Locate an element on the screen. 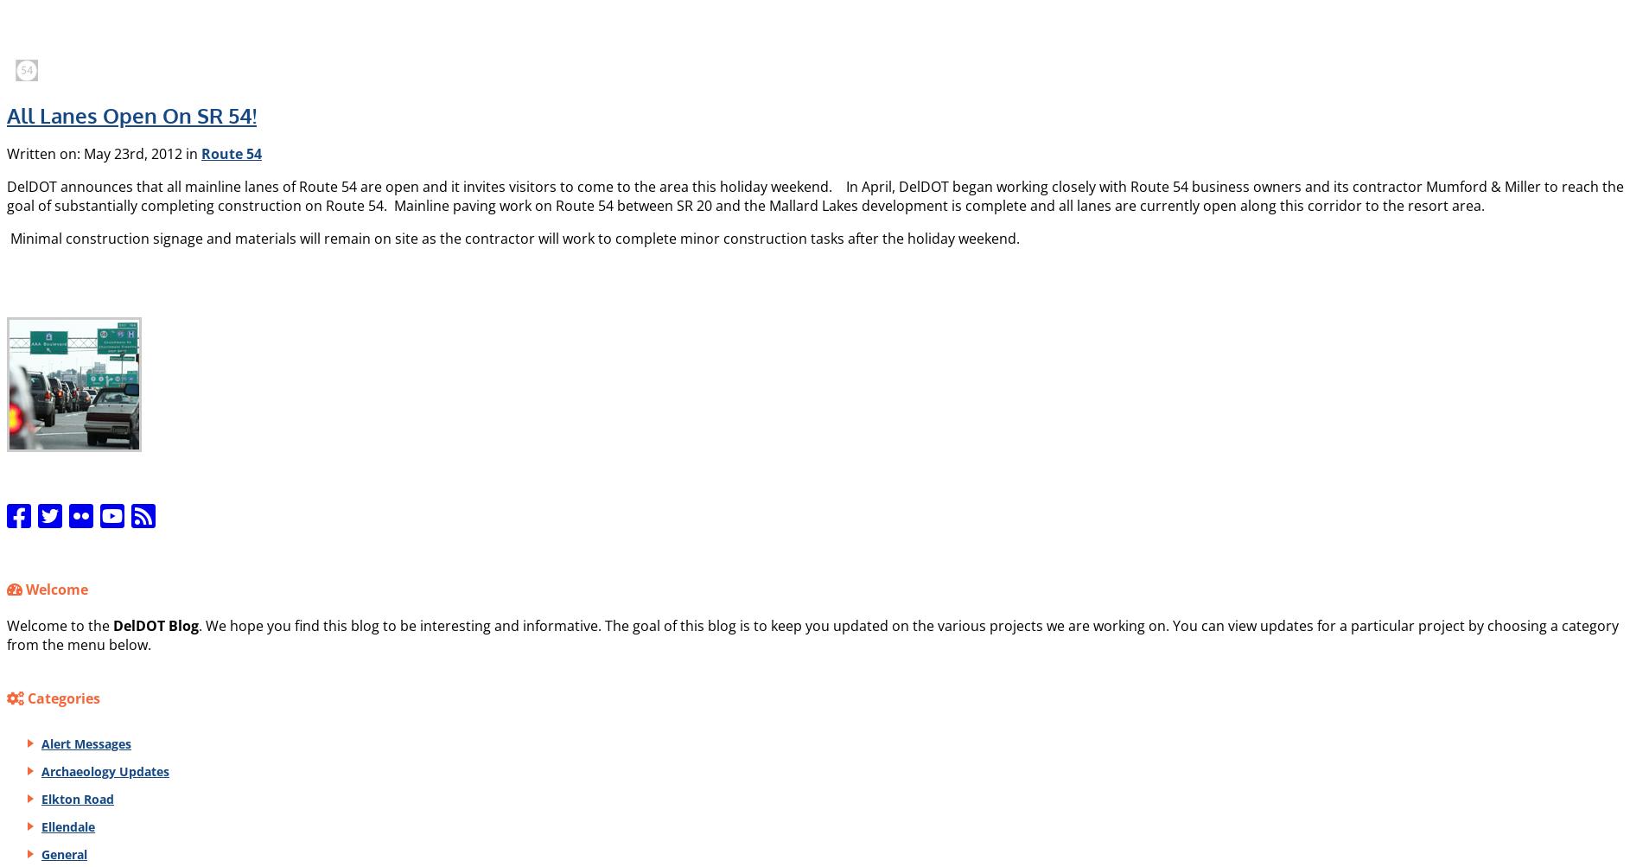 This screenshot has height=867, width=1649. 'Written on: May 23rd, 2012 in' is located at coordinates (6, 153).